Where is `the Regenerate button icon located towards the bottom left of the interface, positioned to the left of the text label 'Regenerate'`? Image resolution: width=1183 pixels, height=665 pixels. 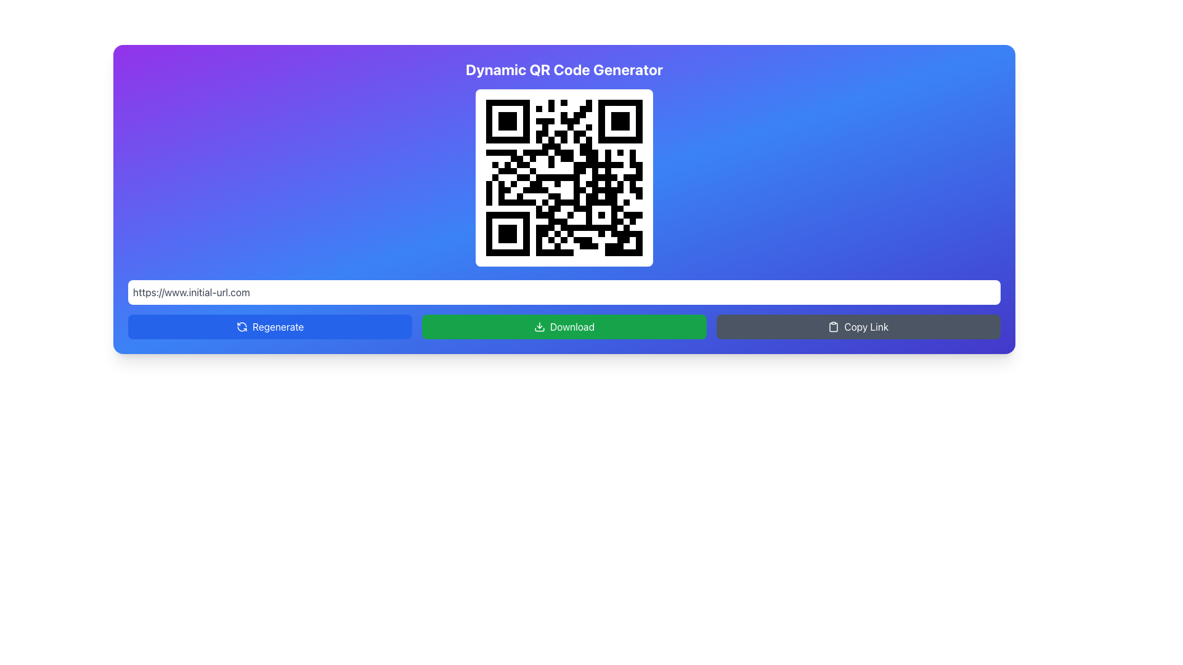 the Regenerate button icon located towards the bottom left of the interface, positioned to the left of the text label 'Regenerate' is located at coordinates (242, 326).